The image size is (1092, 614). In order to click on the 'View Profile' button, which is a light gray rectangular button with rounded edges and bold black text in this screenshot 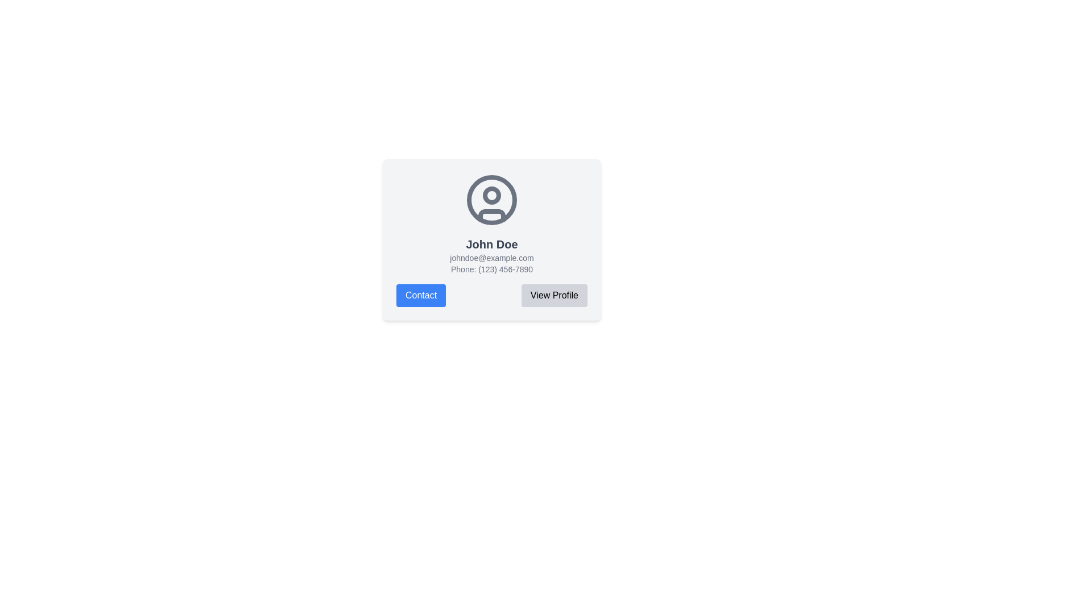, I will do `click(554, 295)`.